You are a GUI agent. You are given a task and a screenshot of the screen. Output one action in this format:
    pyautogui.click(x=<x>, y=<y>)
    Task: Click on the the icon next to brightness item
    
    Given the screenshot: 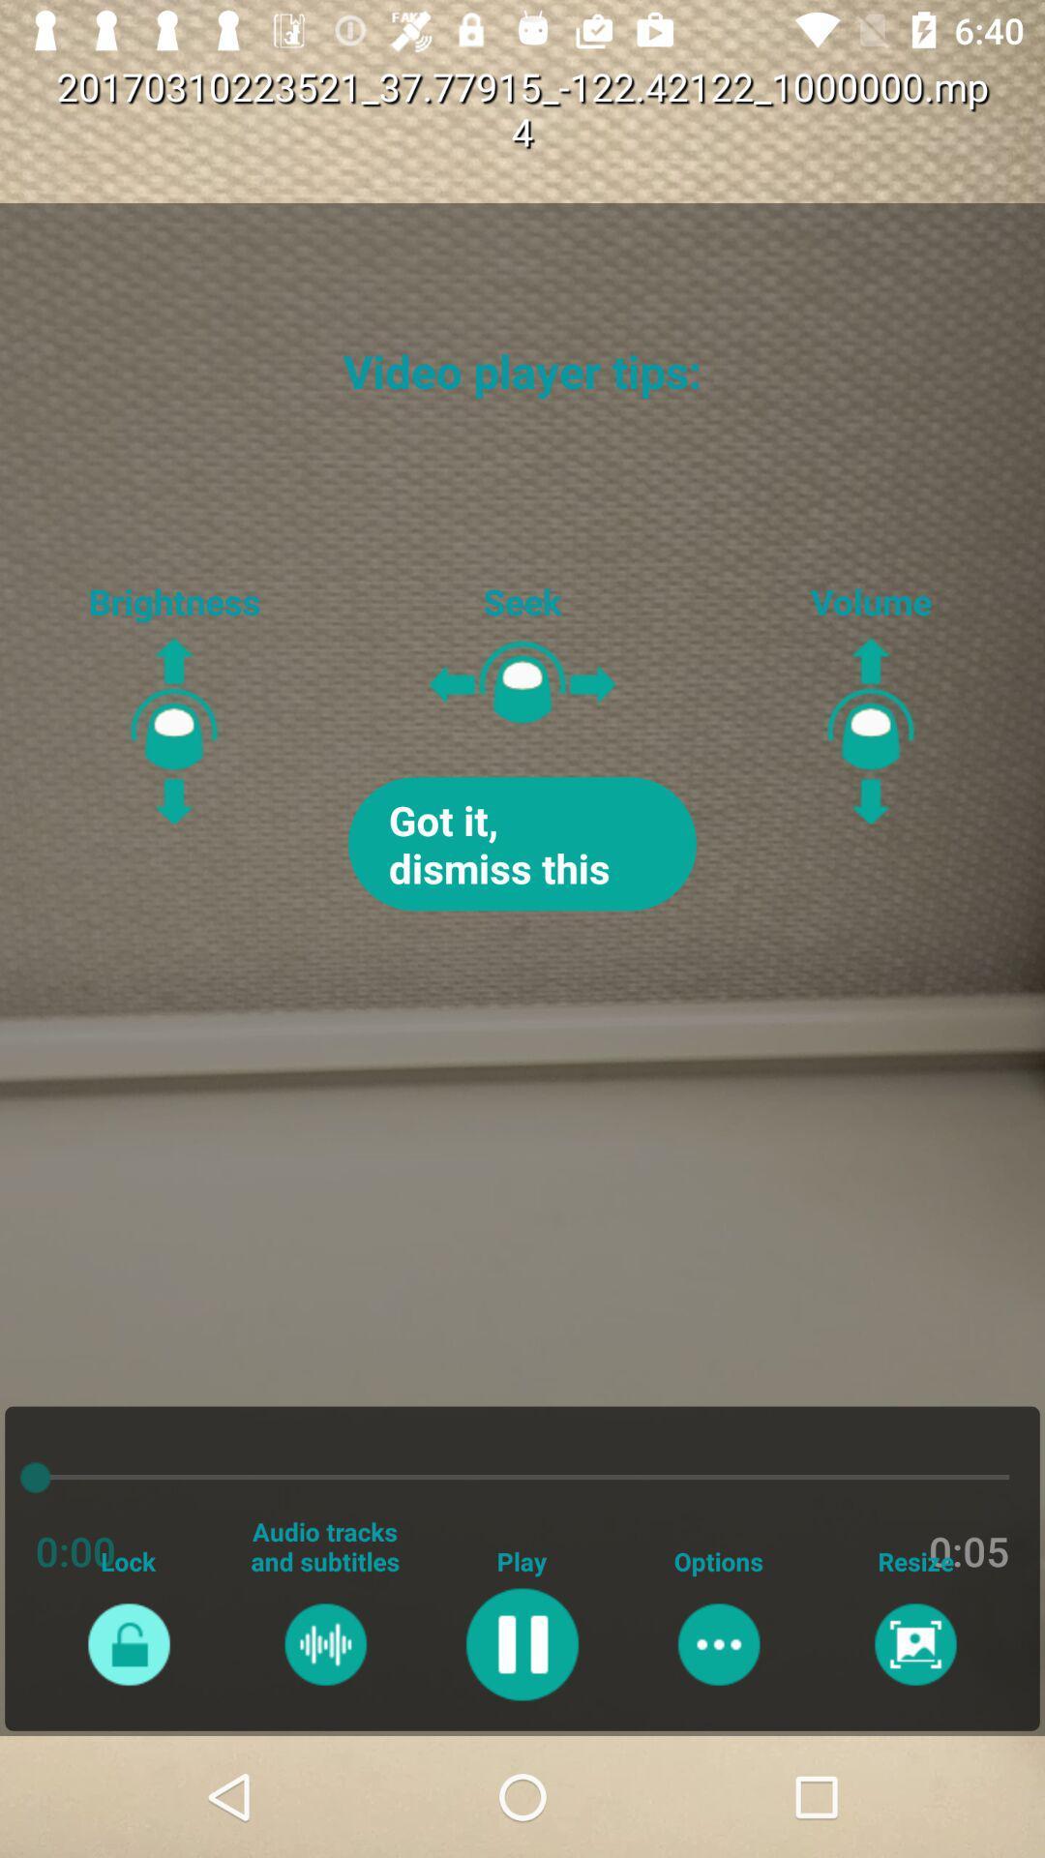 What is the action you would take?
    pyautogui.click(x=522, y=844)
    